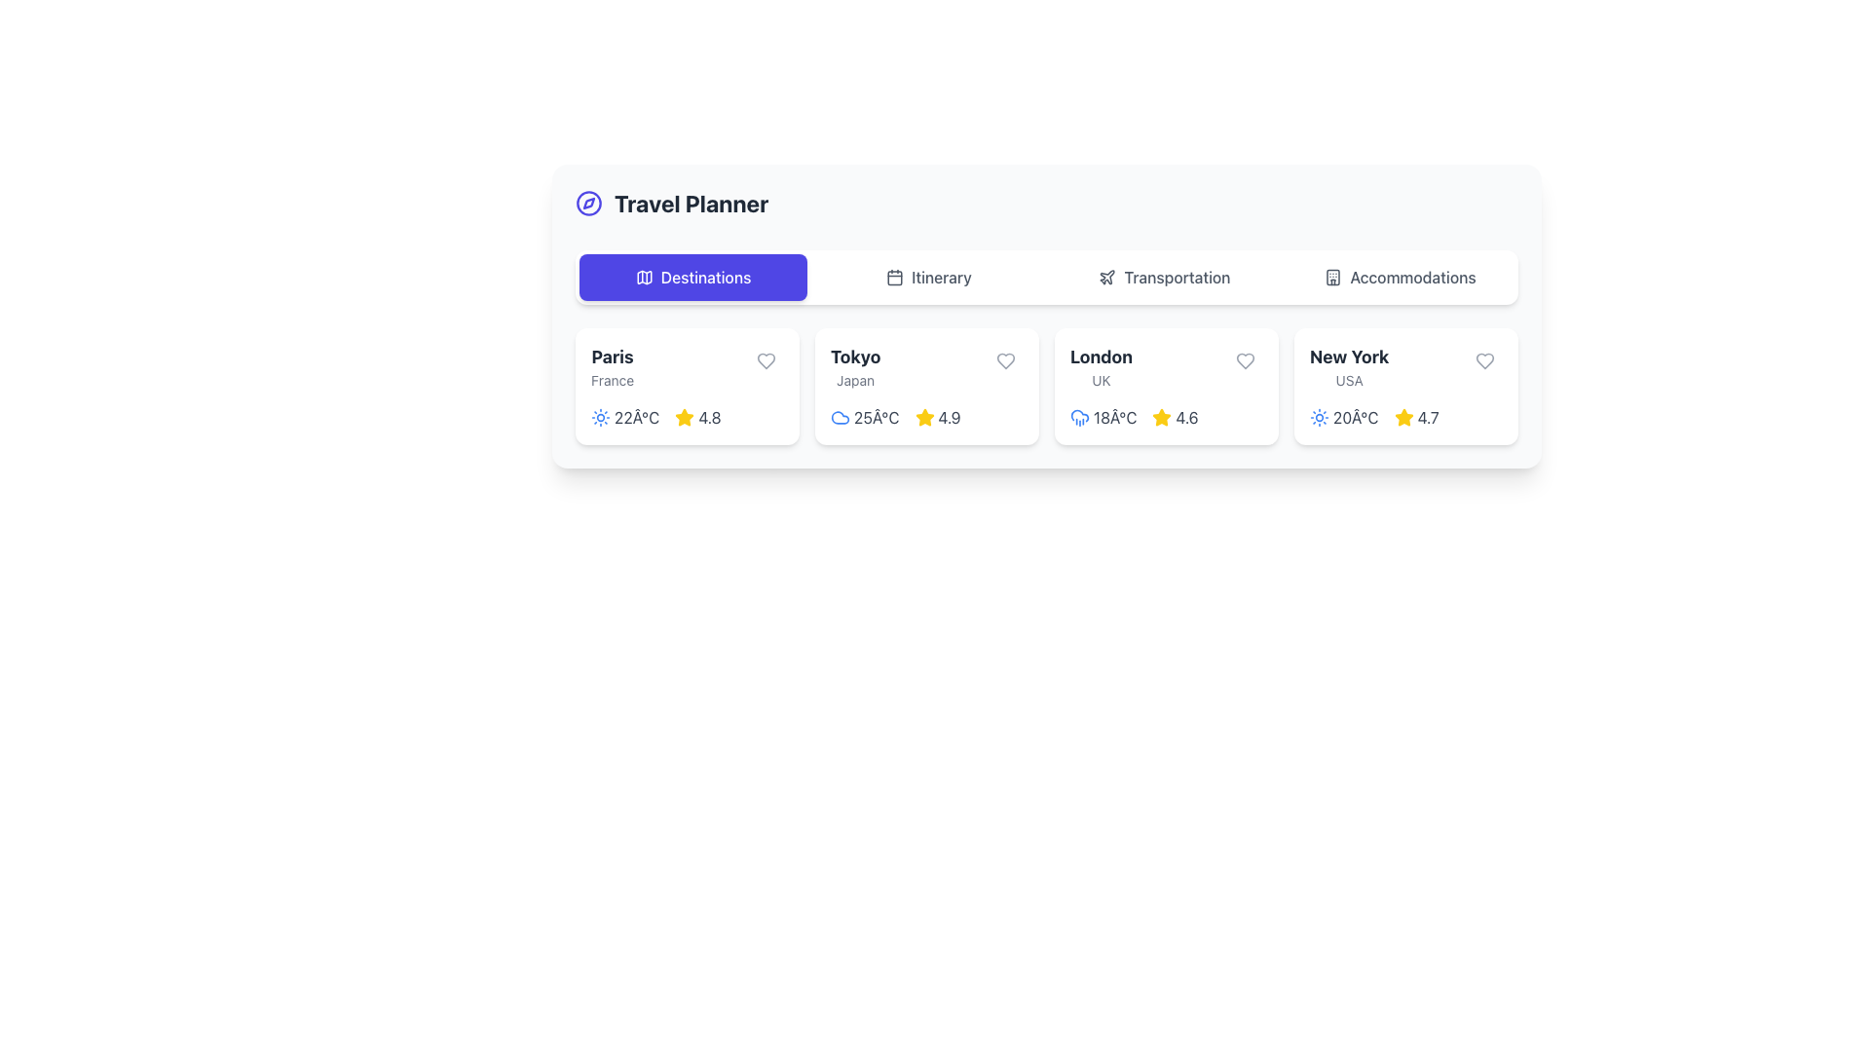 The height and width of the screenshot is (1052, 1870). What do you see at coordinates (1355, 416) in the screenshot?
I see `temperature indicator label displaying '20°C' styled in gray color, located below the blue sun icon in the New York information card` at bounding box center [1355, 416].